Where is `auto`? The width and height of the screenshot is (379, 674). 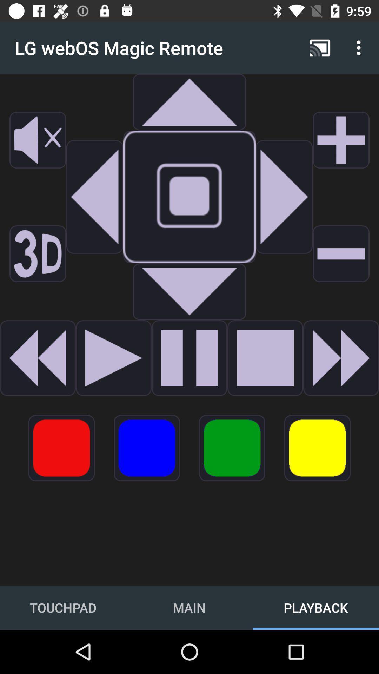
auto is located at coordinates (284, 197).